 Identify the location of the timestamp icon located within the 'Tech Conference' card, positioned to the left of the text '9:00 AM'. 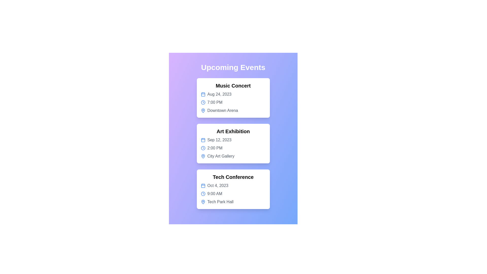
(203, 194).